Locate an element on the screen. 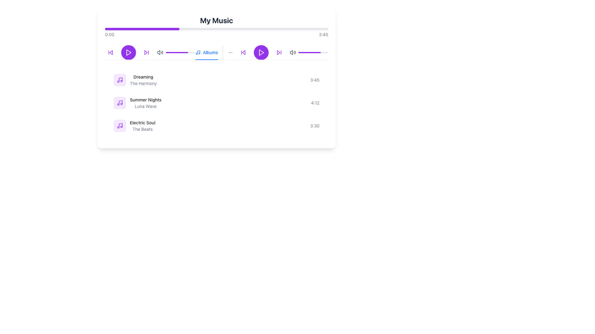  the third button in the primary row of media controls, located between the play button and the volume control is located at coordinates (146, 52).